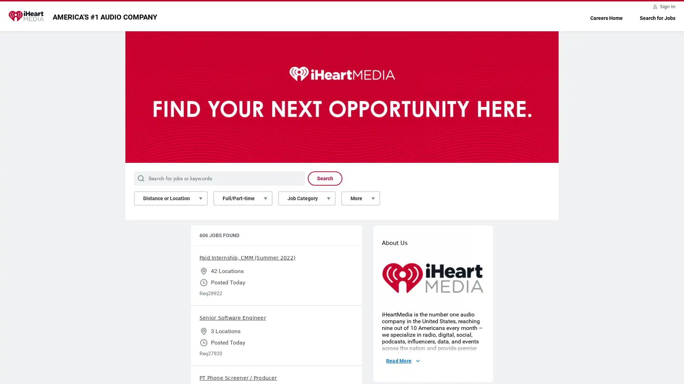 The image size is (684, 384). Describe the element at coordinates (243, 198) in the screenshot. I see `Full/Part-time` at that location.